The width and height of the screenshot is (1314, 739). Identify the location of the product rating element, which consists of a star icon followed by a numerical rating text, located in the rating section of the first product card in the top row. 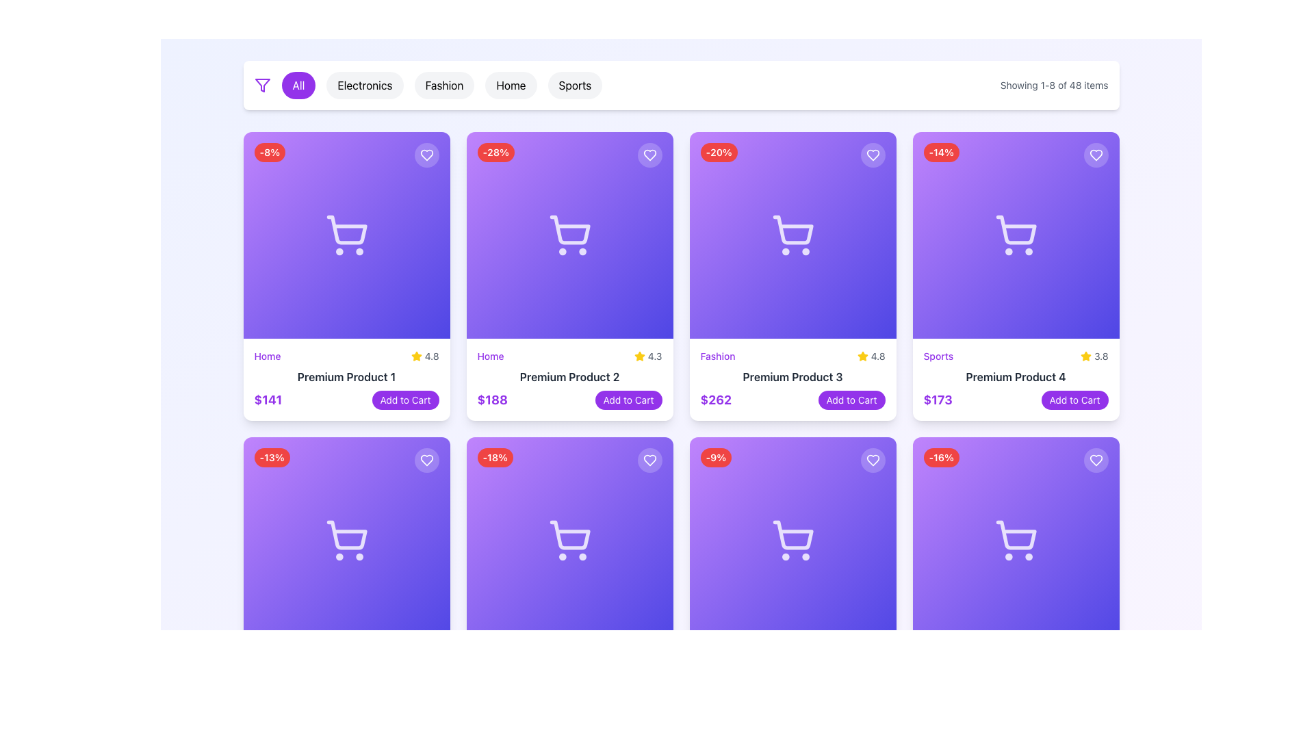
(424, 355).